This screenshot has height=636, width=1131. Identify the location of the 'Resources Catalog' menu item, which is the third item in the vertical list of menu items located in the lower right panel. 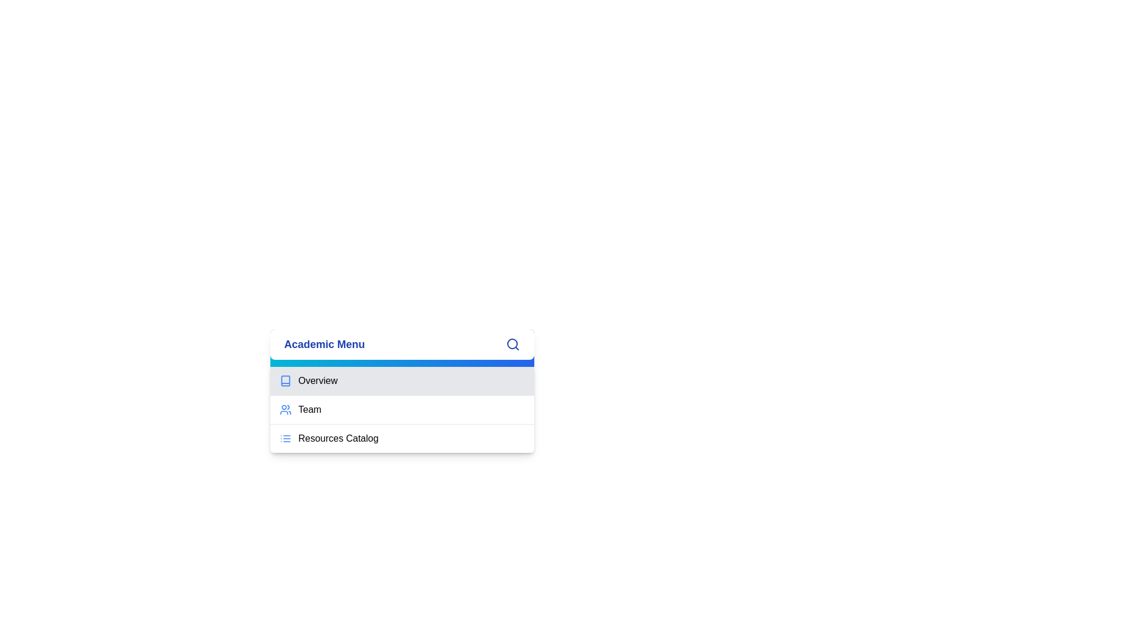
(402, 438).